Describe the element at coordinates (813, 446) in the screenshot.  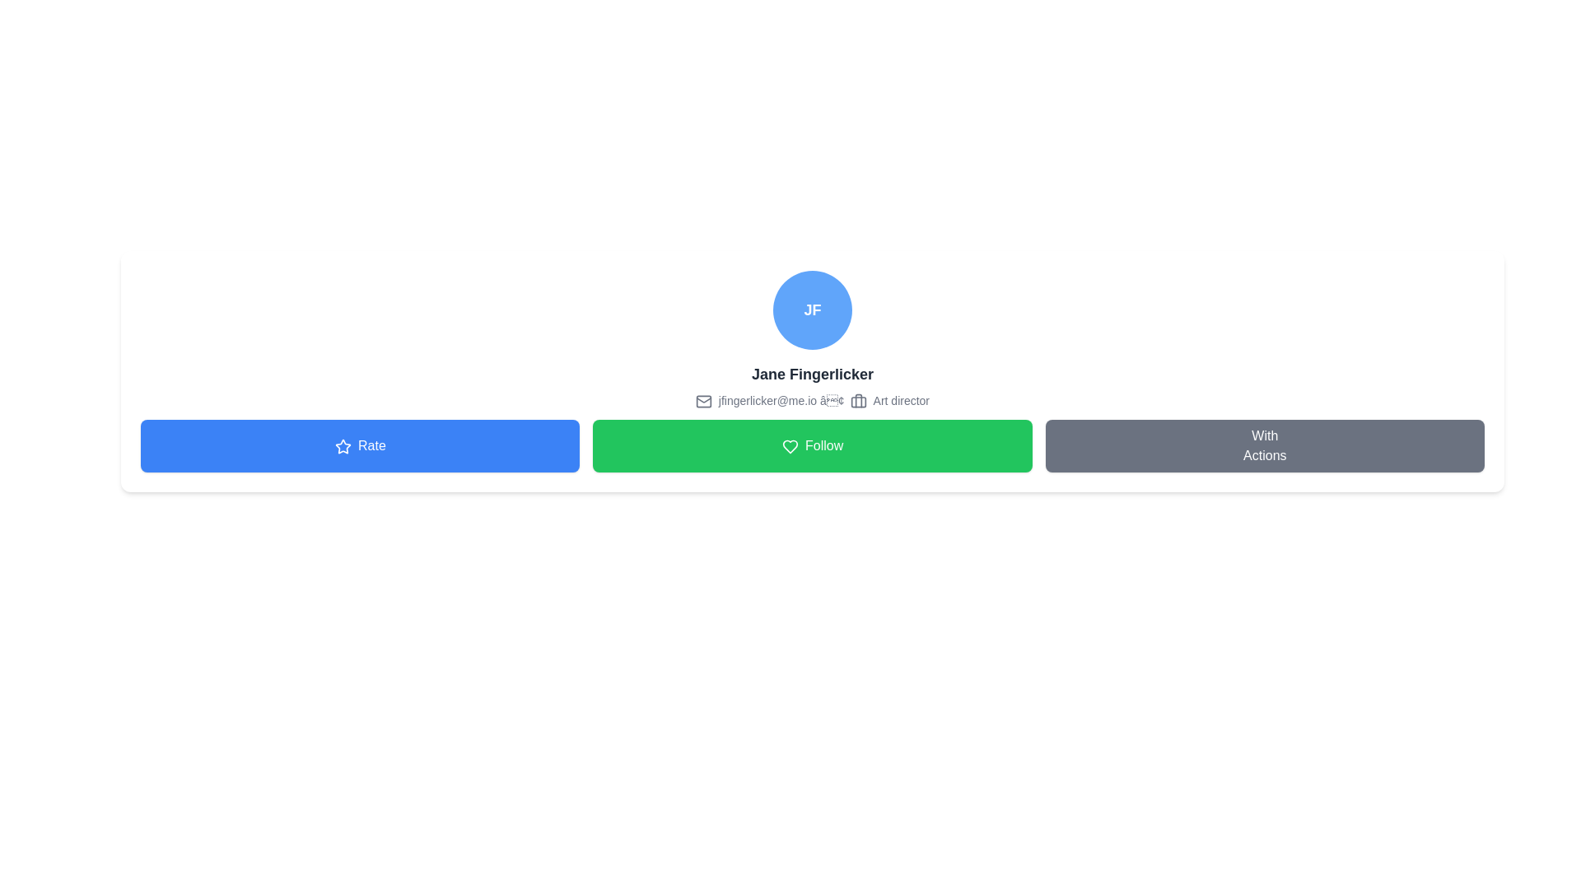
I see `the green rectangular 'Follow' button with a white heart icon to follow the user` at that location.